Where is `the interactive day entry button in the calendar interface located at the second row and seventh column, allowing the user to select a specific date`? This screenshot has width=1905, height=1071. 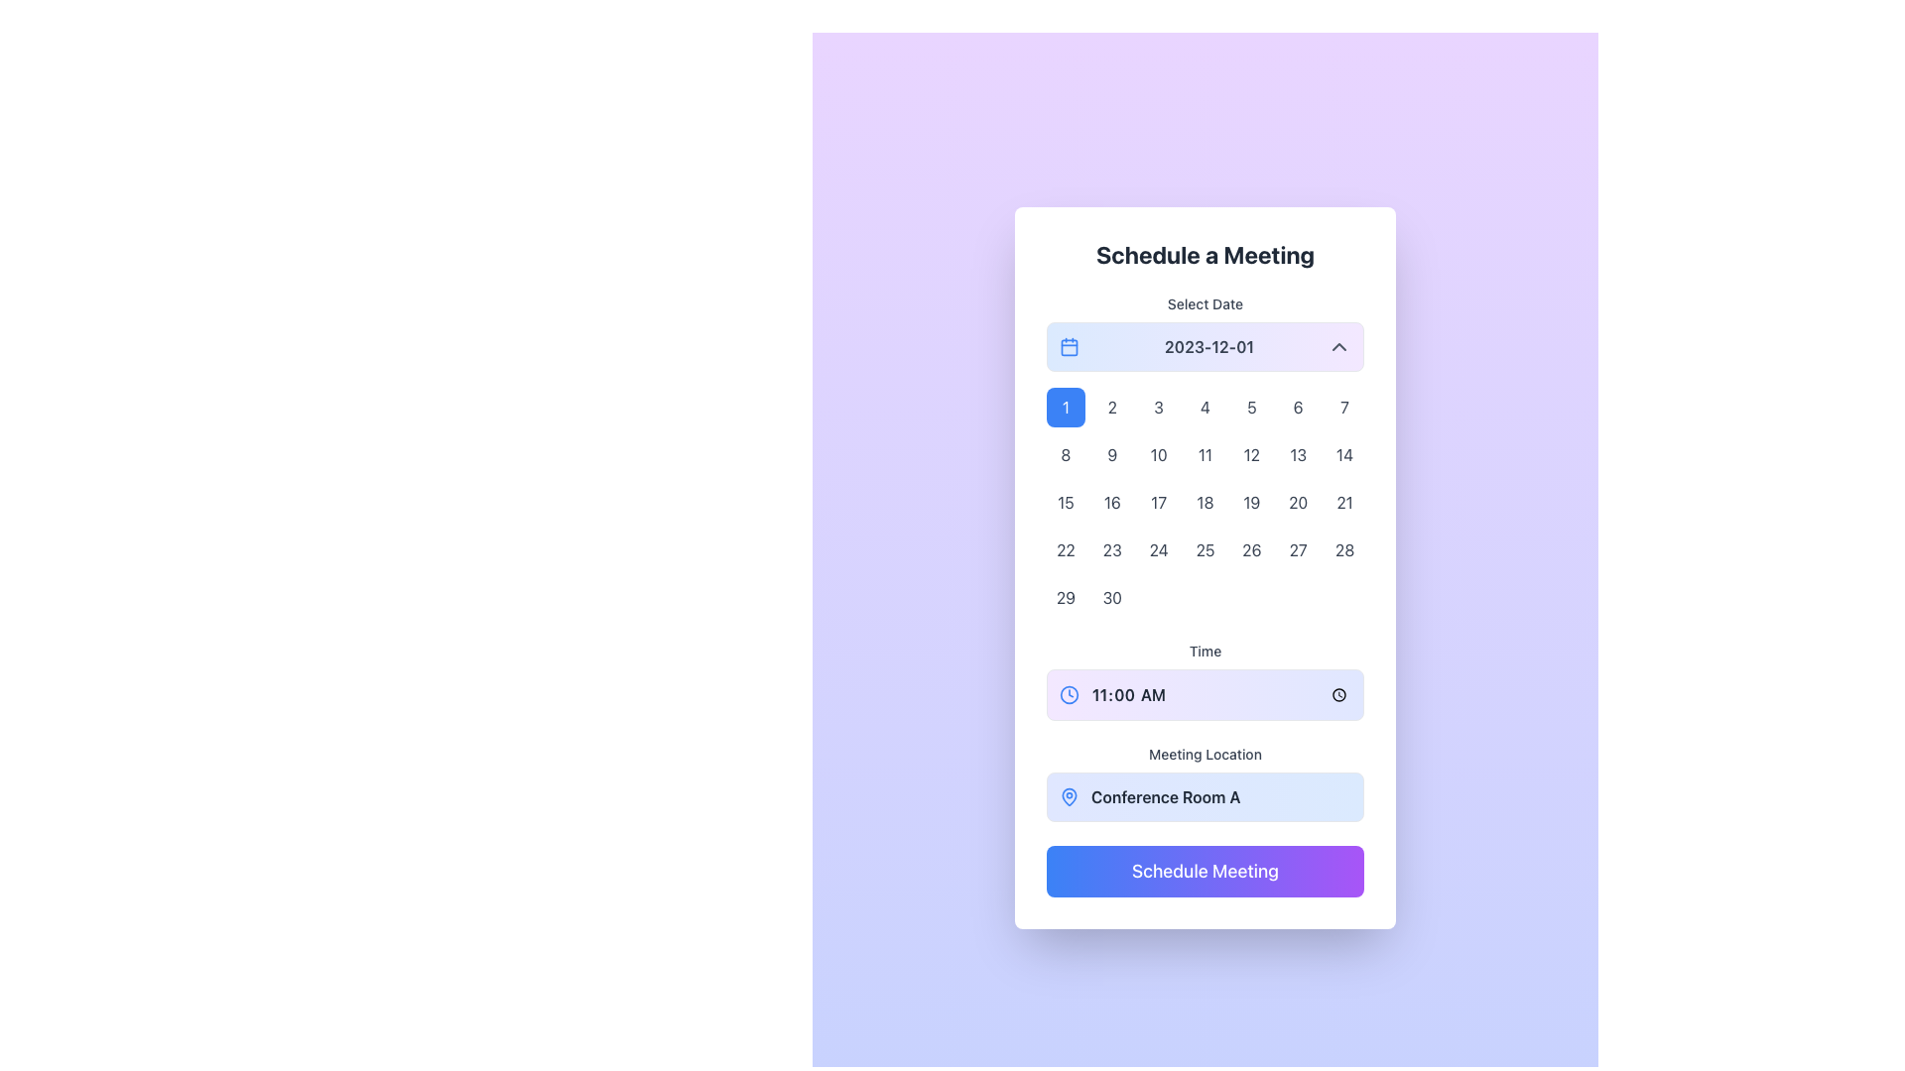
the interactive day entry button in the calendar interface located at the second row and seventh column, allowing the user to select a specific date is located at coordinates (1344, 455).